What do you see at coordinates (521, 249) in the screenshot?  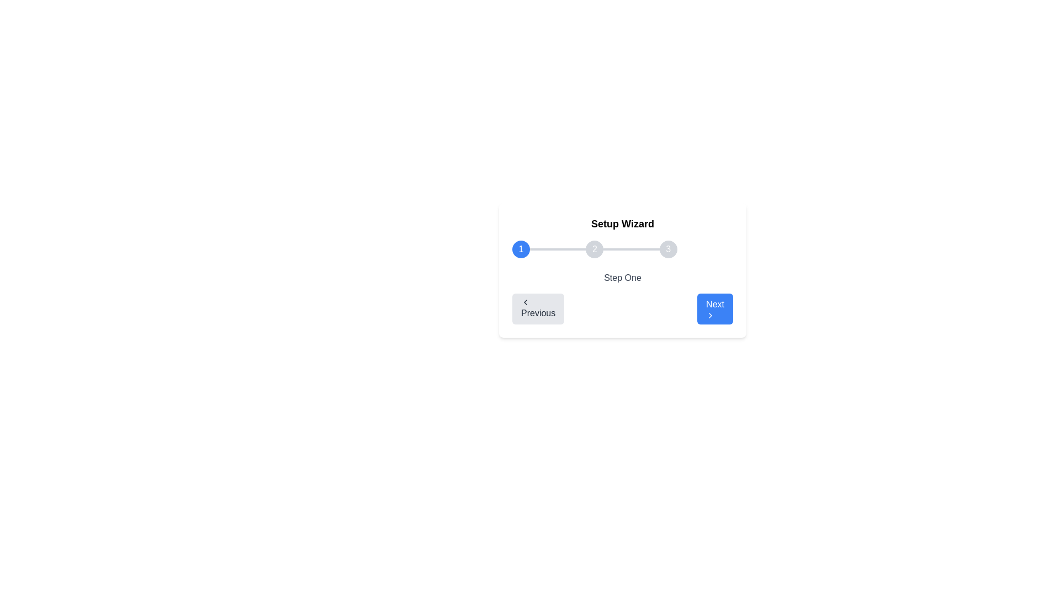 I see `the blue circular button with a white number '1' indicating the first step in the step indicator bar` at bounding box center [521, 249].